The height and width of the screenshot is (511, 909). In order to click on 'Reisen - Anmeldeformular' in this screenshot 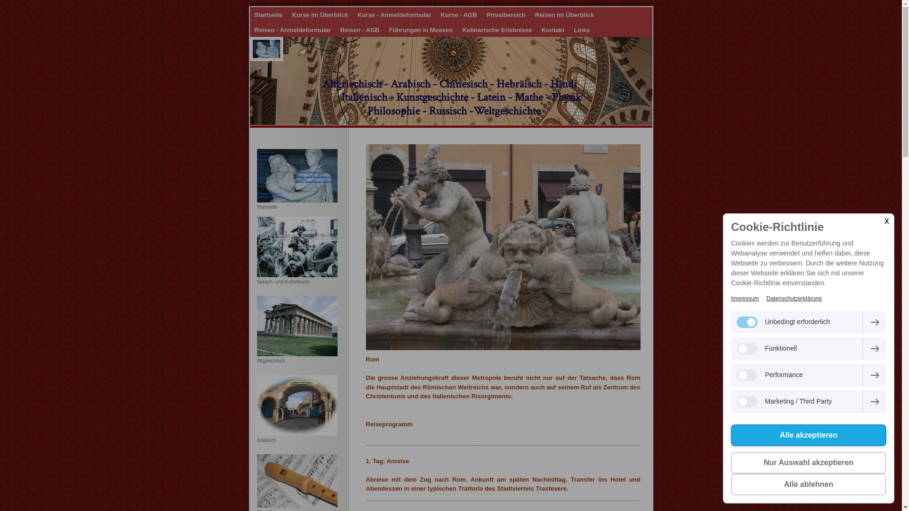, I will do `click(292, 29)`.